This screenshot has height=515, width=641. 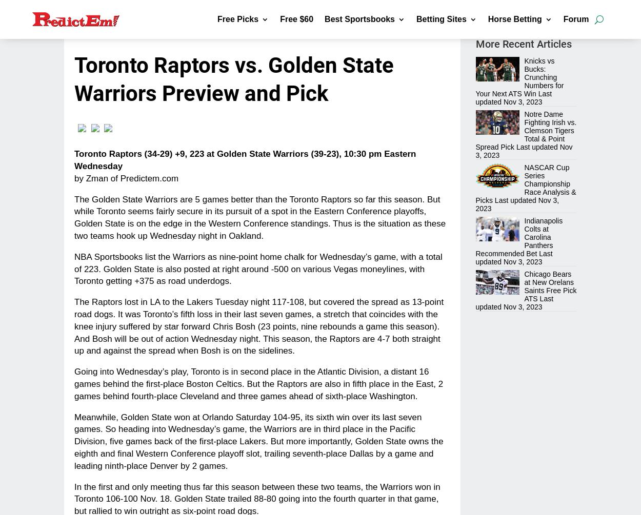 What do you see at coordinates (458, 162) in the screenshot?
I see `'SportsBetting'` at bounding box center [458, 162].